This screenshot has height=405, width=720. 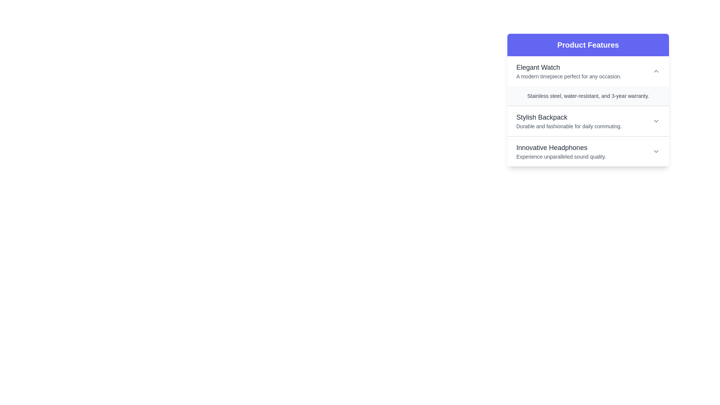 I want to click on text element containing the description 'Stainless steel, water-resistant, and 3-year warranty.' located in the 'Product Features' section below the title 'Elegant Watch', so click(x=588, y=95).